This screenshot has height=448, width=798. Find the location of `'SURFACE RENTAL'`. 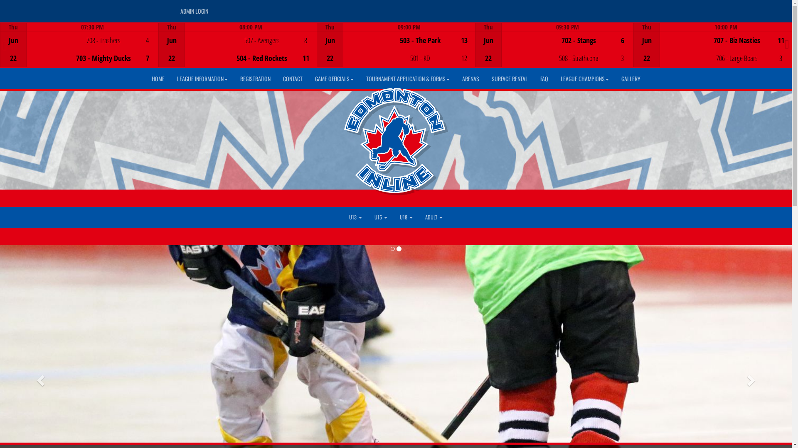

'SURFACE RENTAL' is located at coordinates (509, 78).